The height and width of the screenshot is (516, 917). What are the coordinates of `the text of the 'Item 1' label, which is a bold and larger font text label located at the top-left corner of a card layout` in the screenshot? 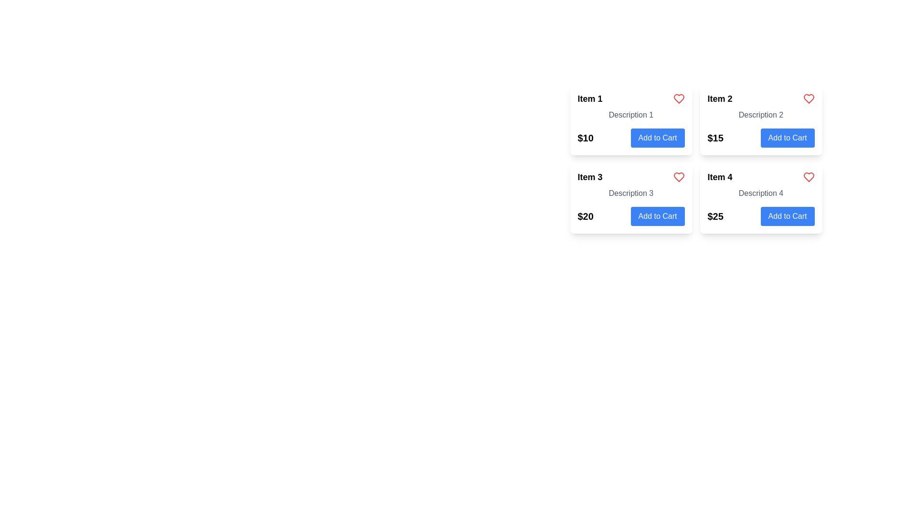 It's located at (589, 99).